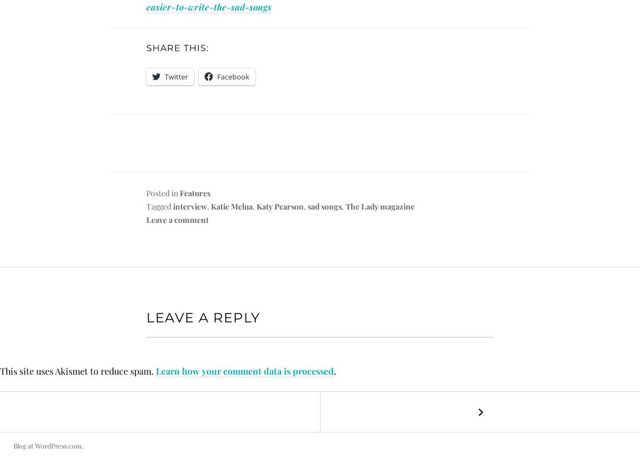 The height and width of the screenshot is (458, 640). Describe the element at coordinates (163, 192) in the screenshot. I see `'Posted in'` at that location.